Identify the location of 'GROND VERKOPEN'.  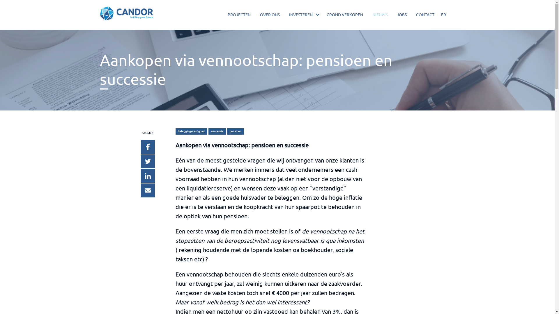
(345, 14).